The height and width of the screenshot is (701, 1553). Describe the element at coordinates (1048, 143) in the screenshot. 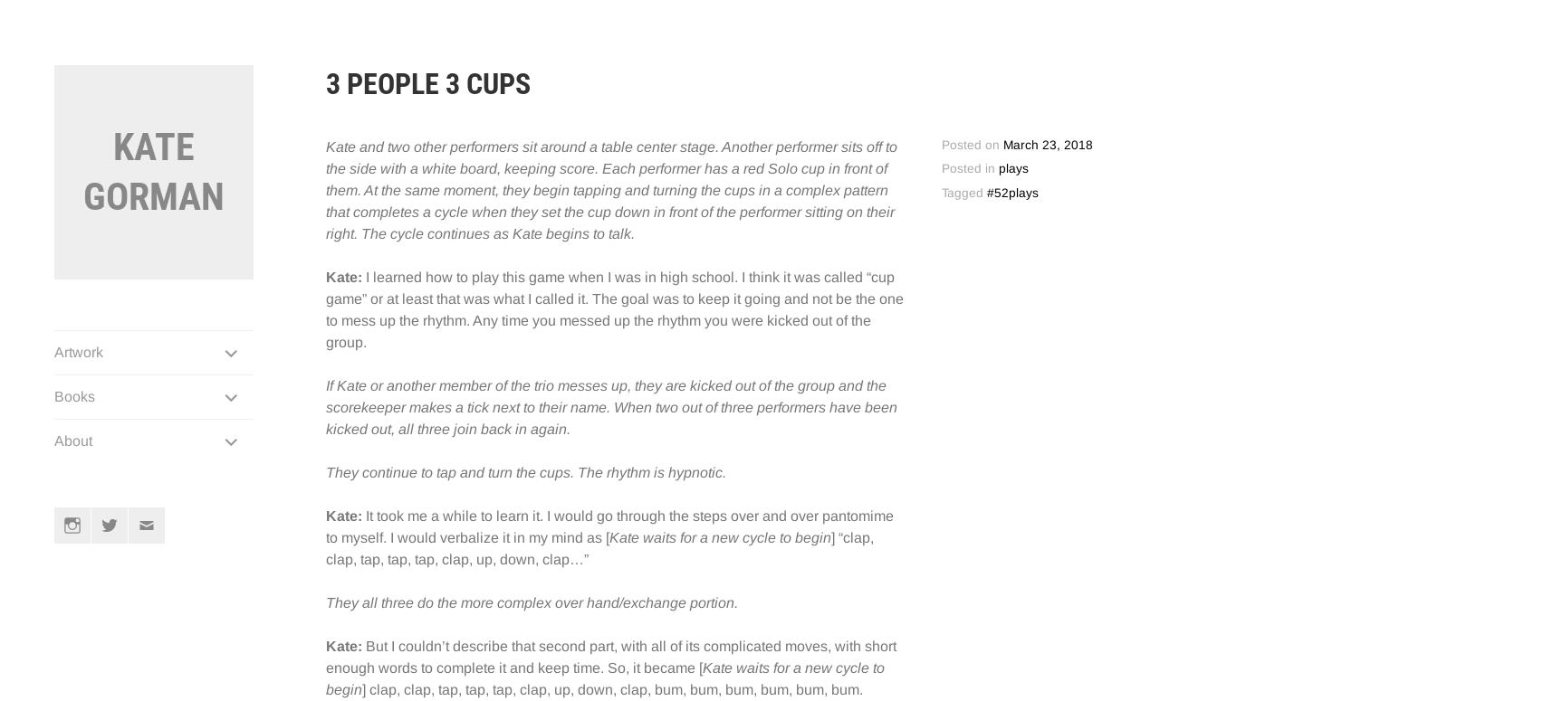

I see `'March 23, 2018'` at that location.